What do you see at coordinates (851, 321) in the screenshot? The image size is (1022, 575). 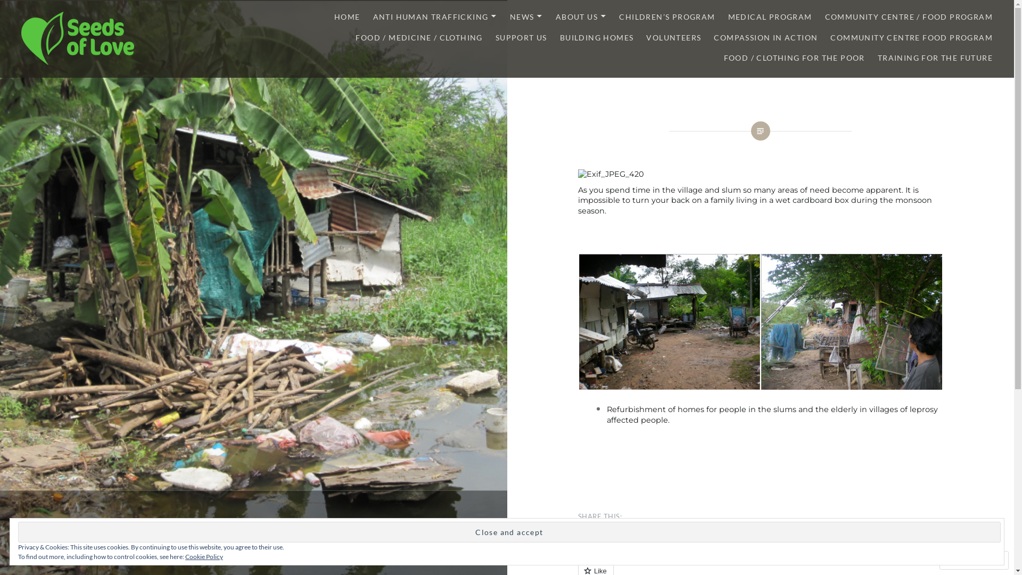 I see `'Schermafbeelding 2018-08-27 om 10.55.04'` at bounding box center [851, 321].